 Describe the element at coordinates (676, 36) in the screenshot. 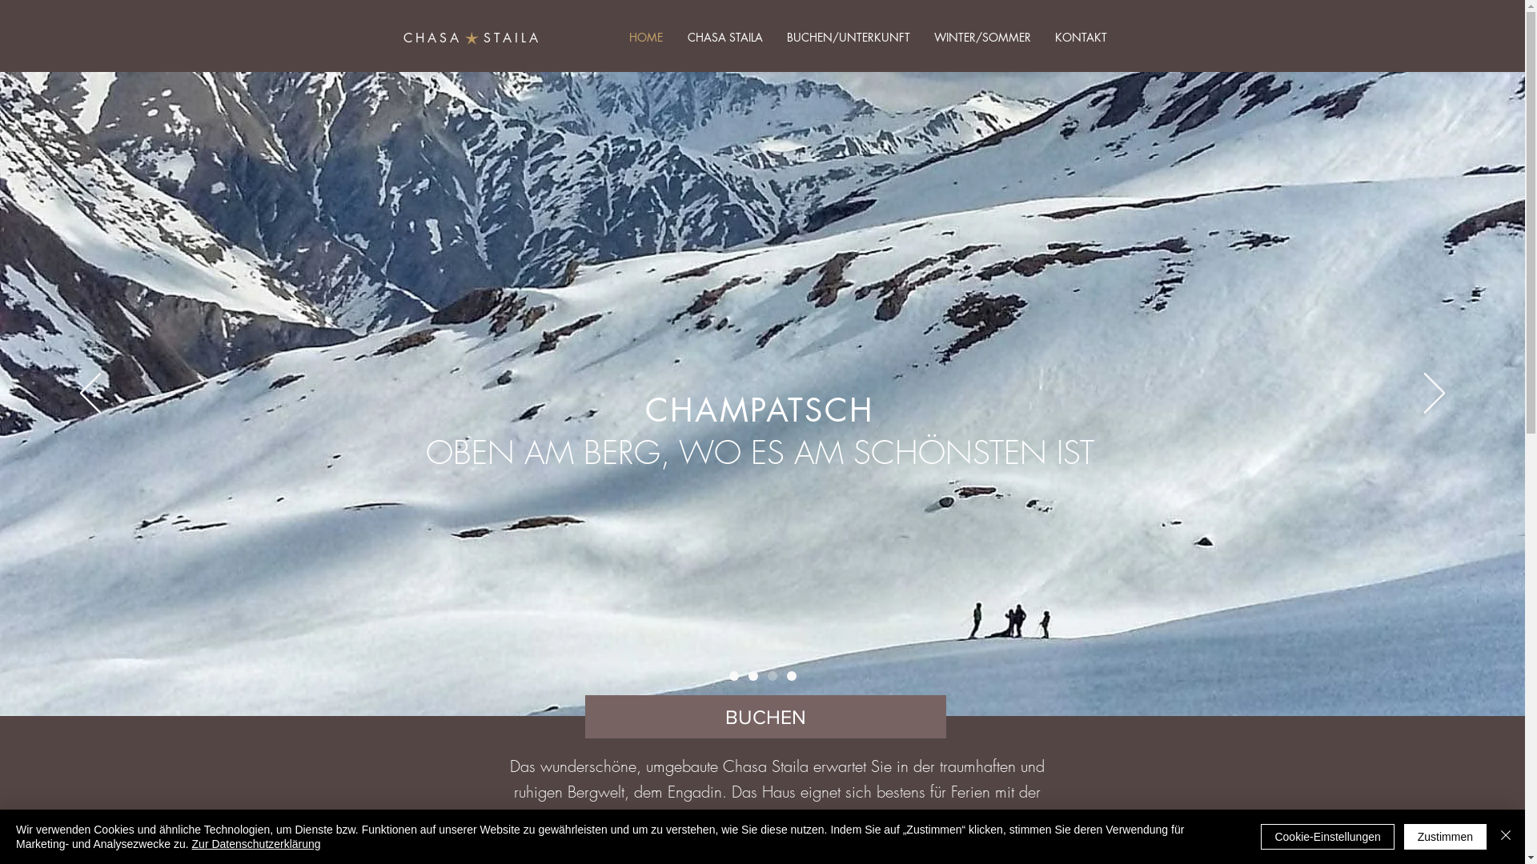

I see `'CHASA STAILA'` at that location.